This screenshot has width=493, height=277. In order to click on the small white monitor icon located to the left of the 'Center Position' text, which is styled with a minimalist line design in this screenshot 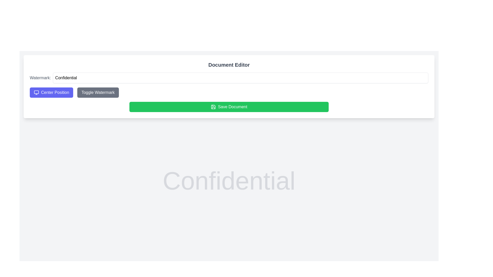, I will do `click(36, 93)`.